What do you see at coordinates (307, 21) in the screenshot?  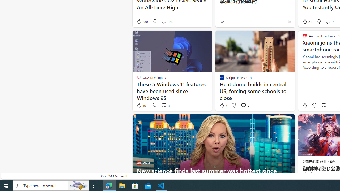 I see `'21 Like'` at bounding box center [307, 21].